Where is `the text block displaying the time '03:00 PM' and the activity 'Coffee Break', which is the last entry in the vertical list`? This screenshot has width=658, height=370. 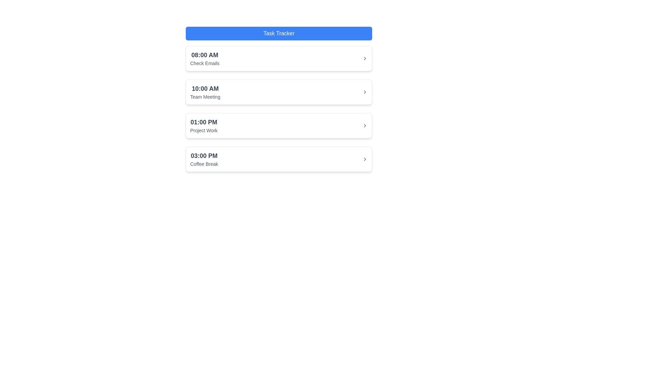
the text block displaying the time '03:00 PM' and the activity 'Coffee Break', which is the last entry in the vertical list is located at coordinates (204, 159).